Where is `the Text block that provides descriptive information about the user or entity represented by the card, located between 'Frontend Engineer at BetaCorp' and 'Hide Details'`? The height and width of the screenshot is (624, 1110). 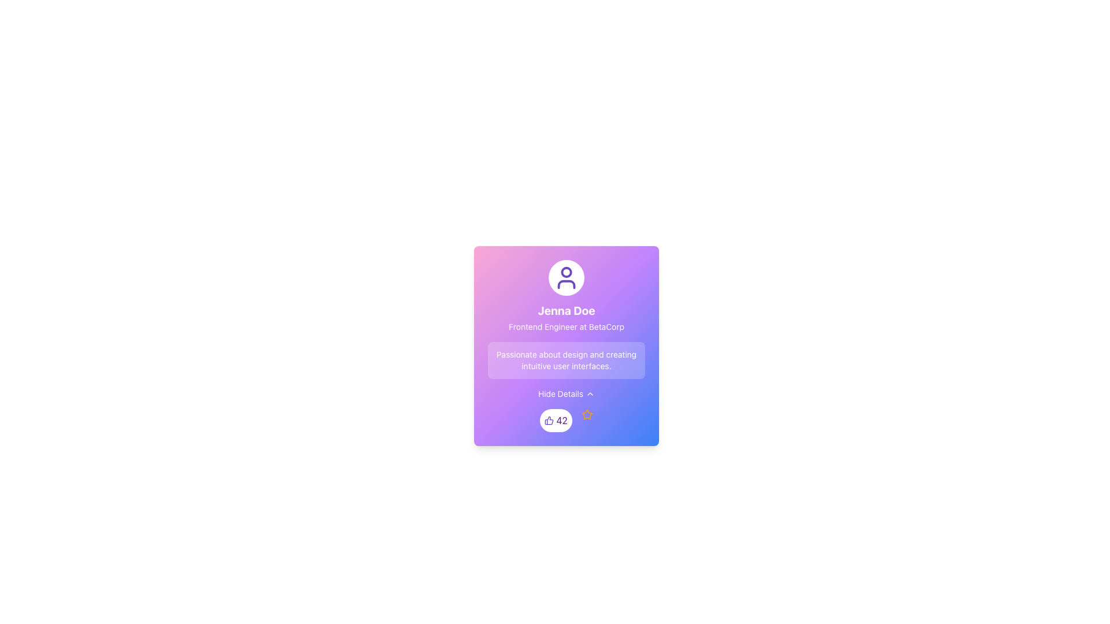 the Text block that provides descriptive information about the user or entity represented by the card, located between 'Frontend Engineer at BetaCorp' and 'Hide Details' is located at coordinates (566, 360).